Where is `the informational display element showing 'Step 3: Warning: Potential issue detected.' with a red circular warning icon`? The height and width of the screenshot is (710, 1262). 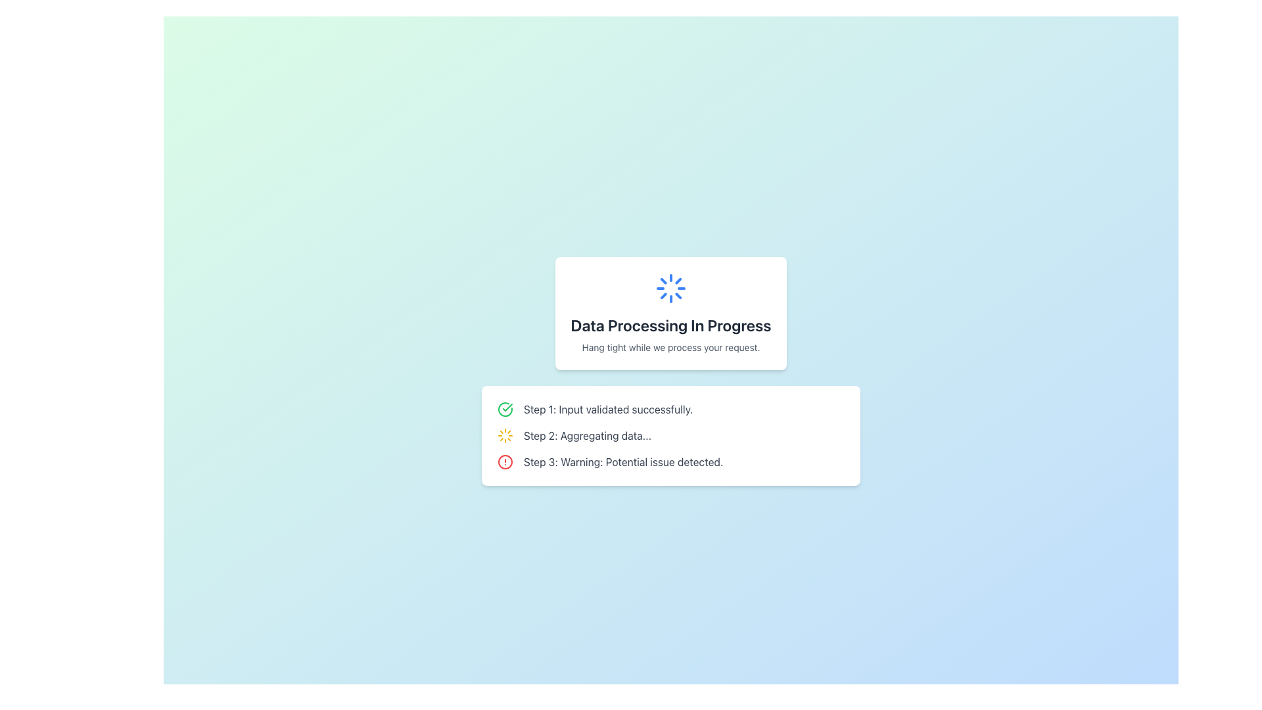 the informational display element showing 'Step 3: Warning: Potential issue detected.' with a red circular warning icon is located at coordinates (671, 461).